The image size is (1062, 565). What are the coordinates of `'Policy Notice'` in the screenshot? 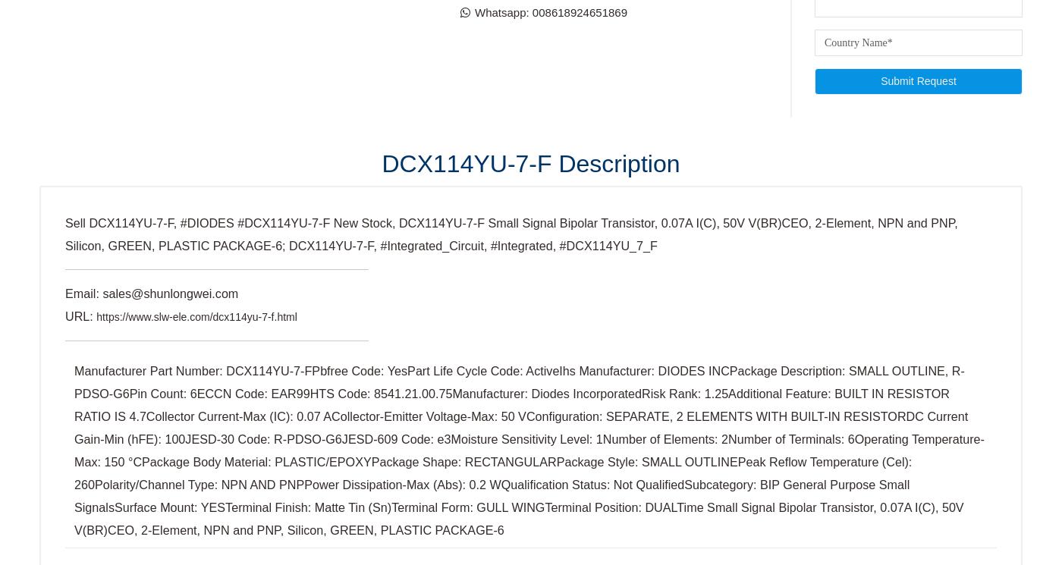 It's located at (405, 36).